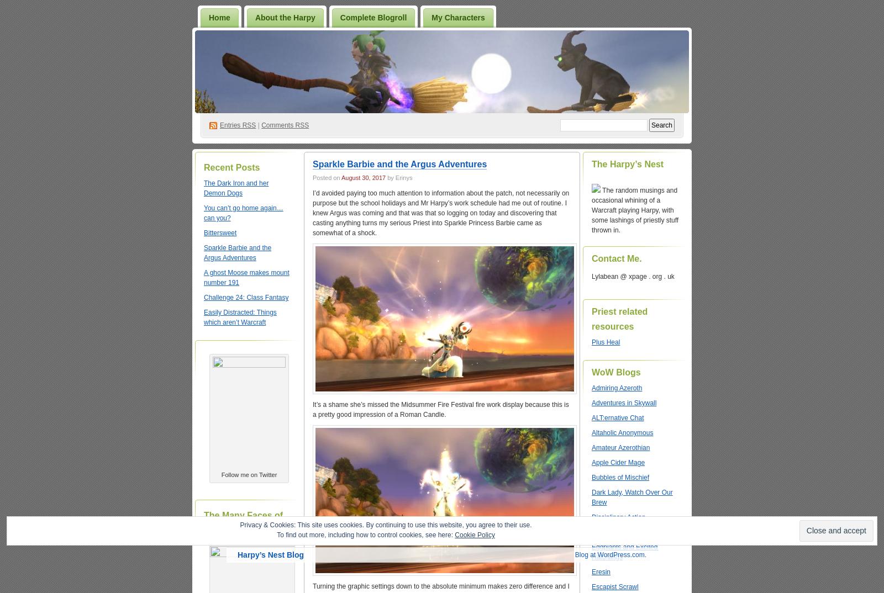 The height and width of the screenshot is (593, 884). I want to click on 'Blog at WordPress.com.', so click(610, 571).